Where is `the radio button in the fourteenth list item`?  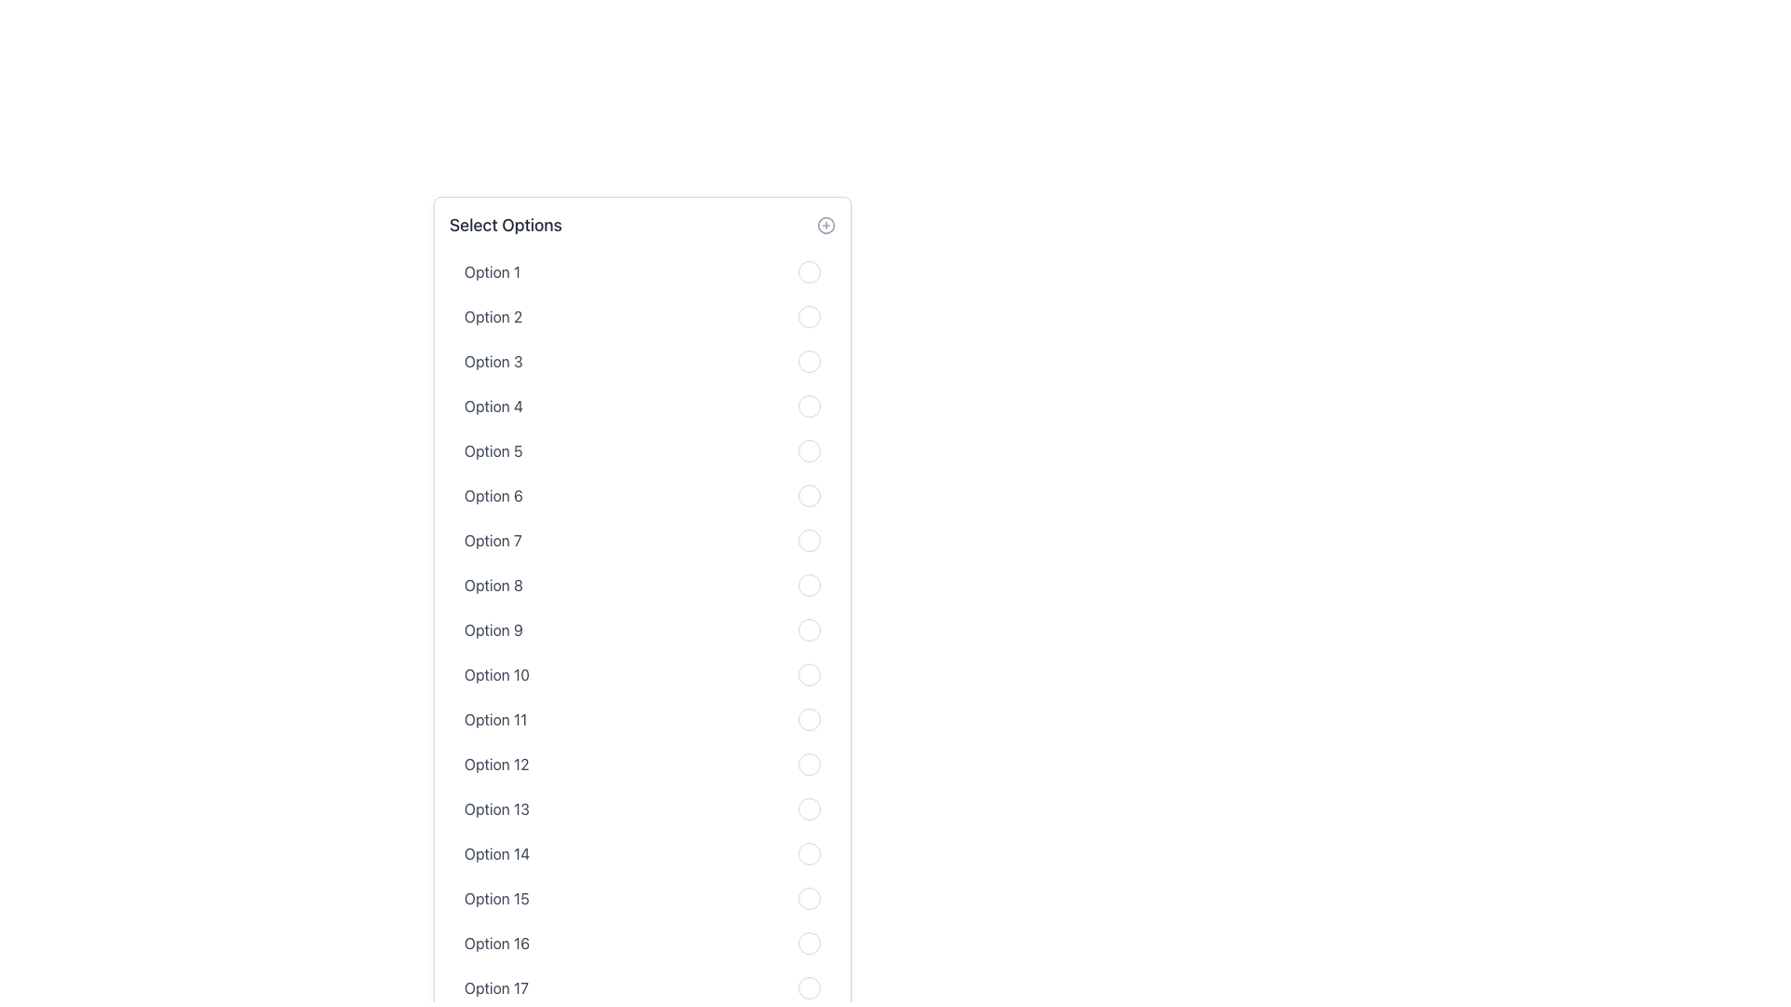
the radio button in the fourteenth list item is located at coordinates (643, 853).